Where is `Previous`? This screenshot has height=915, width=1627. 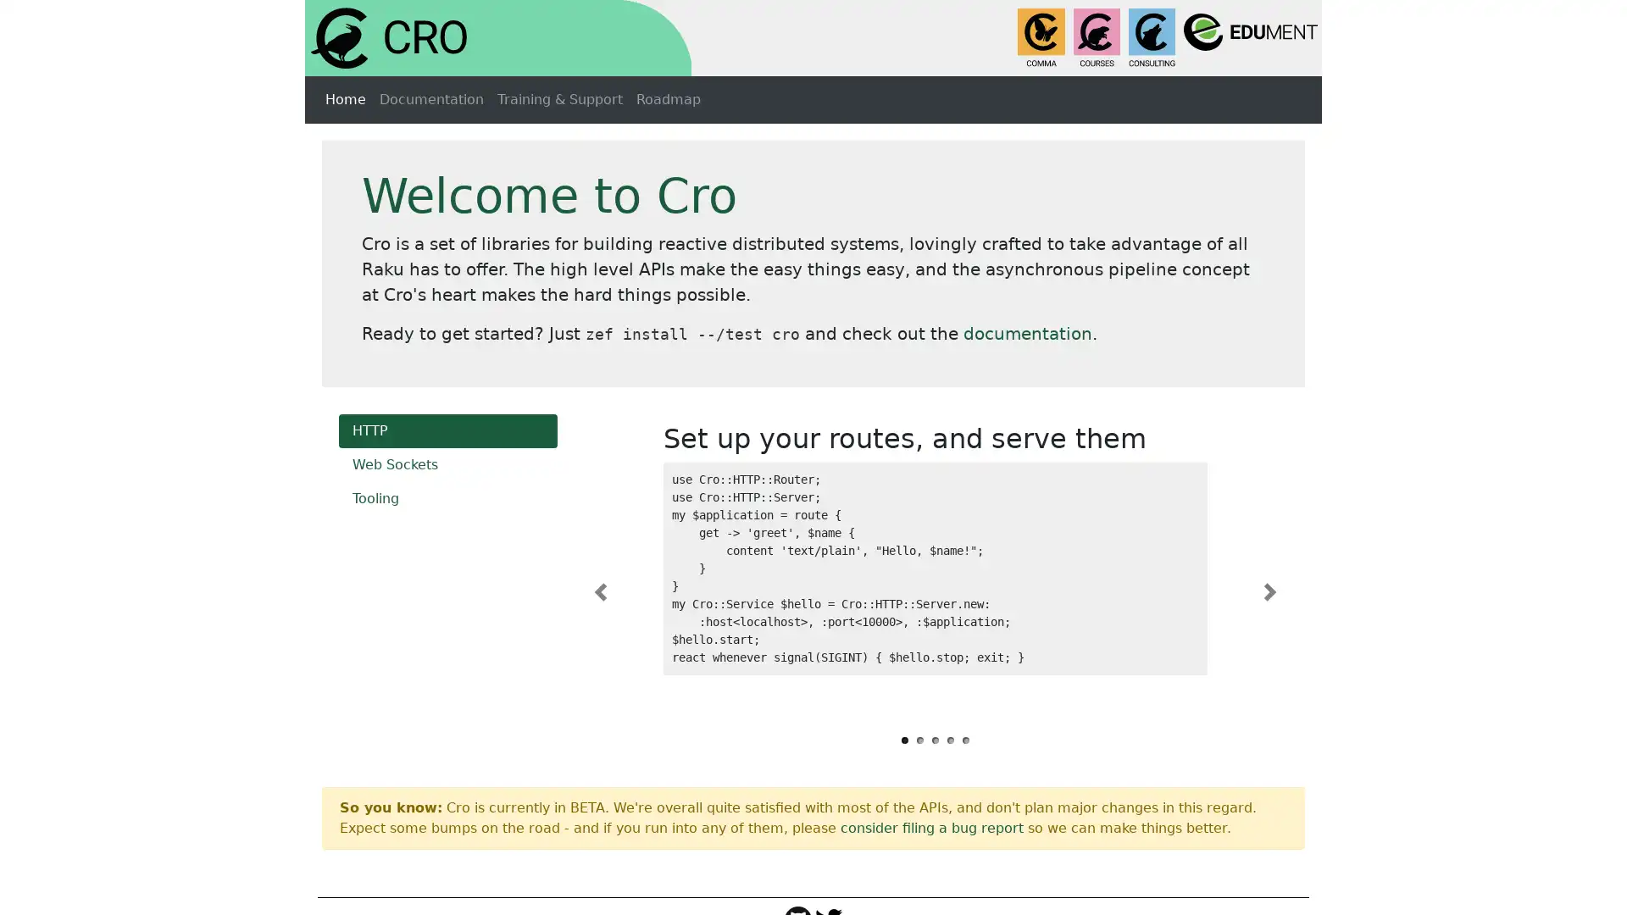
Previous is located at coordinates (600, 591).